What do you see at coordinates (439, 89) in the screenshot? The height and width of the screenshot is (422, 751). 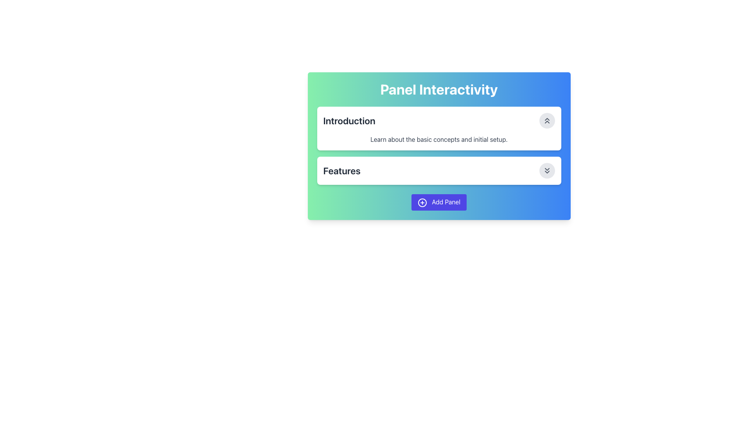 I see `the bold, large-sized white text label stating 'Panel Interactivity' at the top center of the gradient-styled panel` at bounding box center [439, 89].